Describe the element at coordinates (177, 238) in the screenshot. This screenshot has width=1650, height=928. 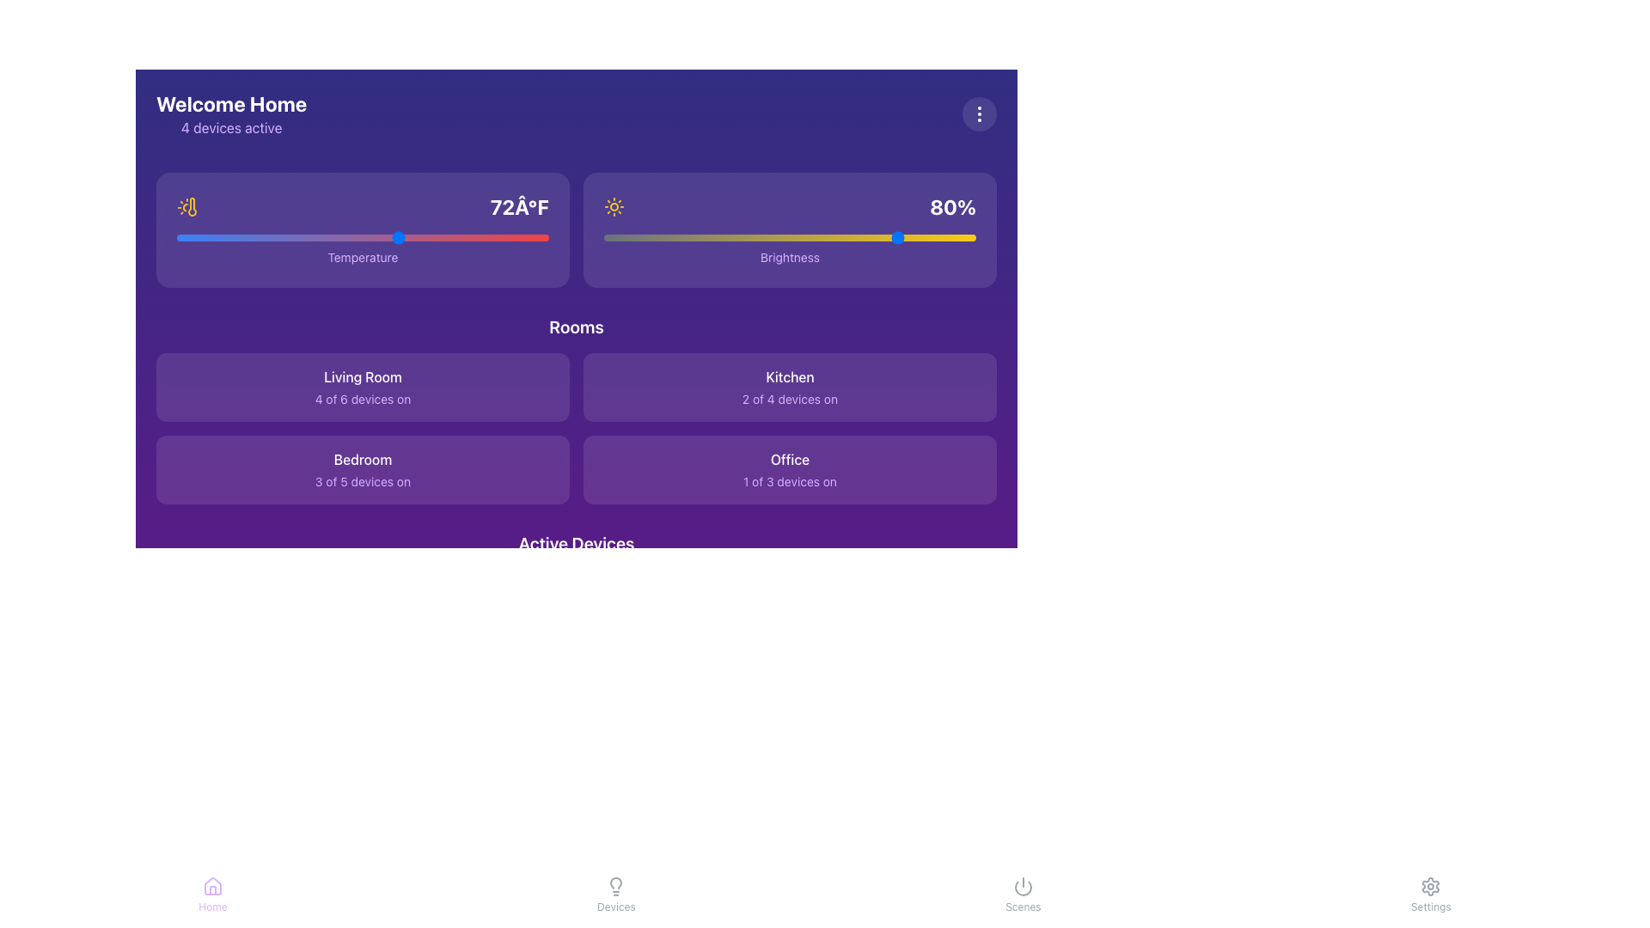
I see `the temperature` at that location.